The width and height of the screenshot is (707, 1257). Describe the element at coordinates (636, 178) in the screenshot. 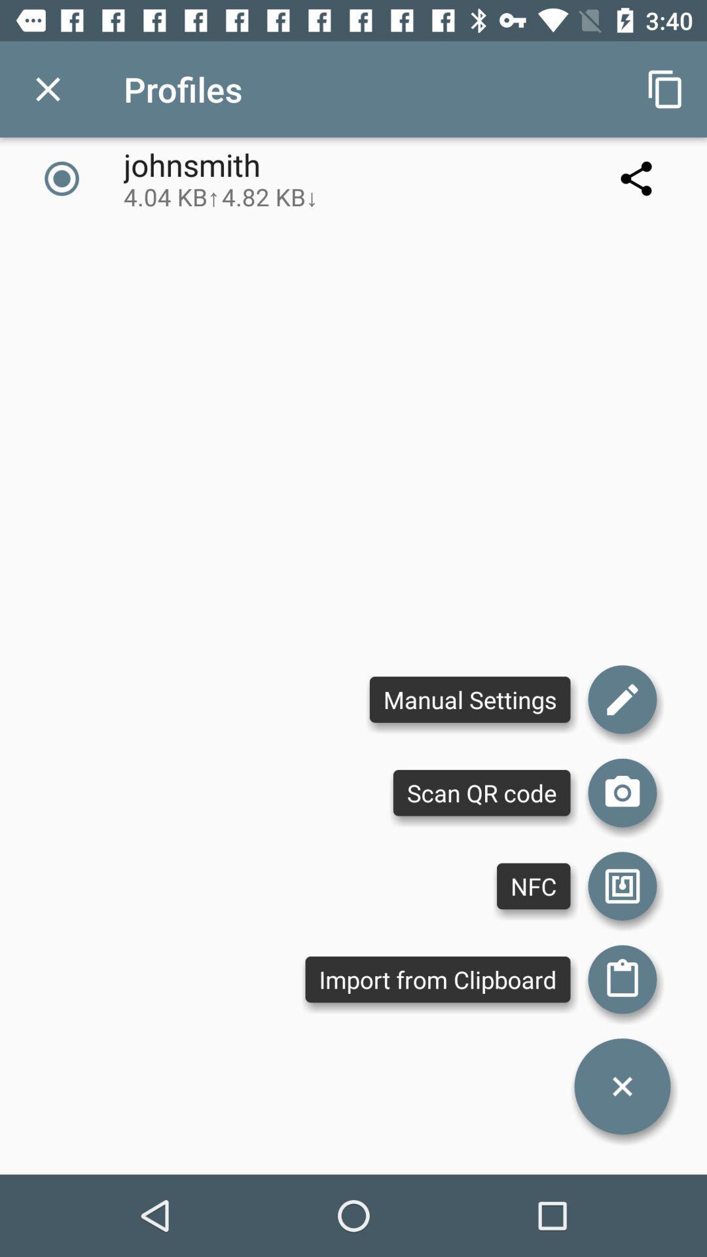

I see `the icon to the right of johnsmith 4 04 icon` at that location.